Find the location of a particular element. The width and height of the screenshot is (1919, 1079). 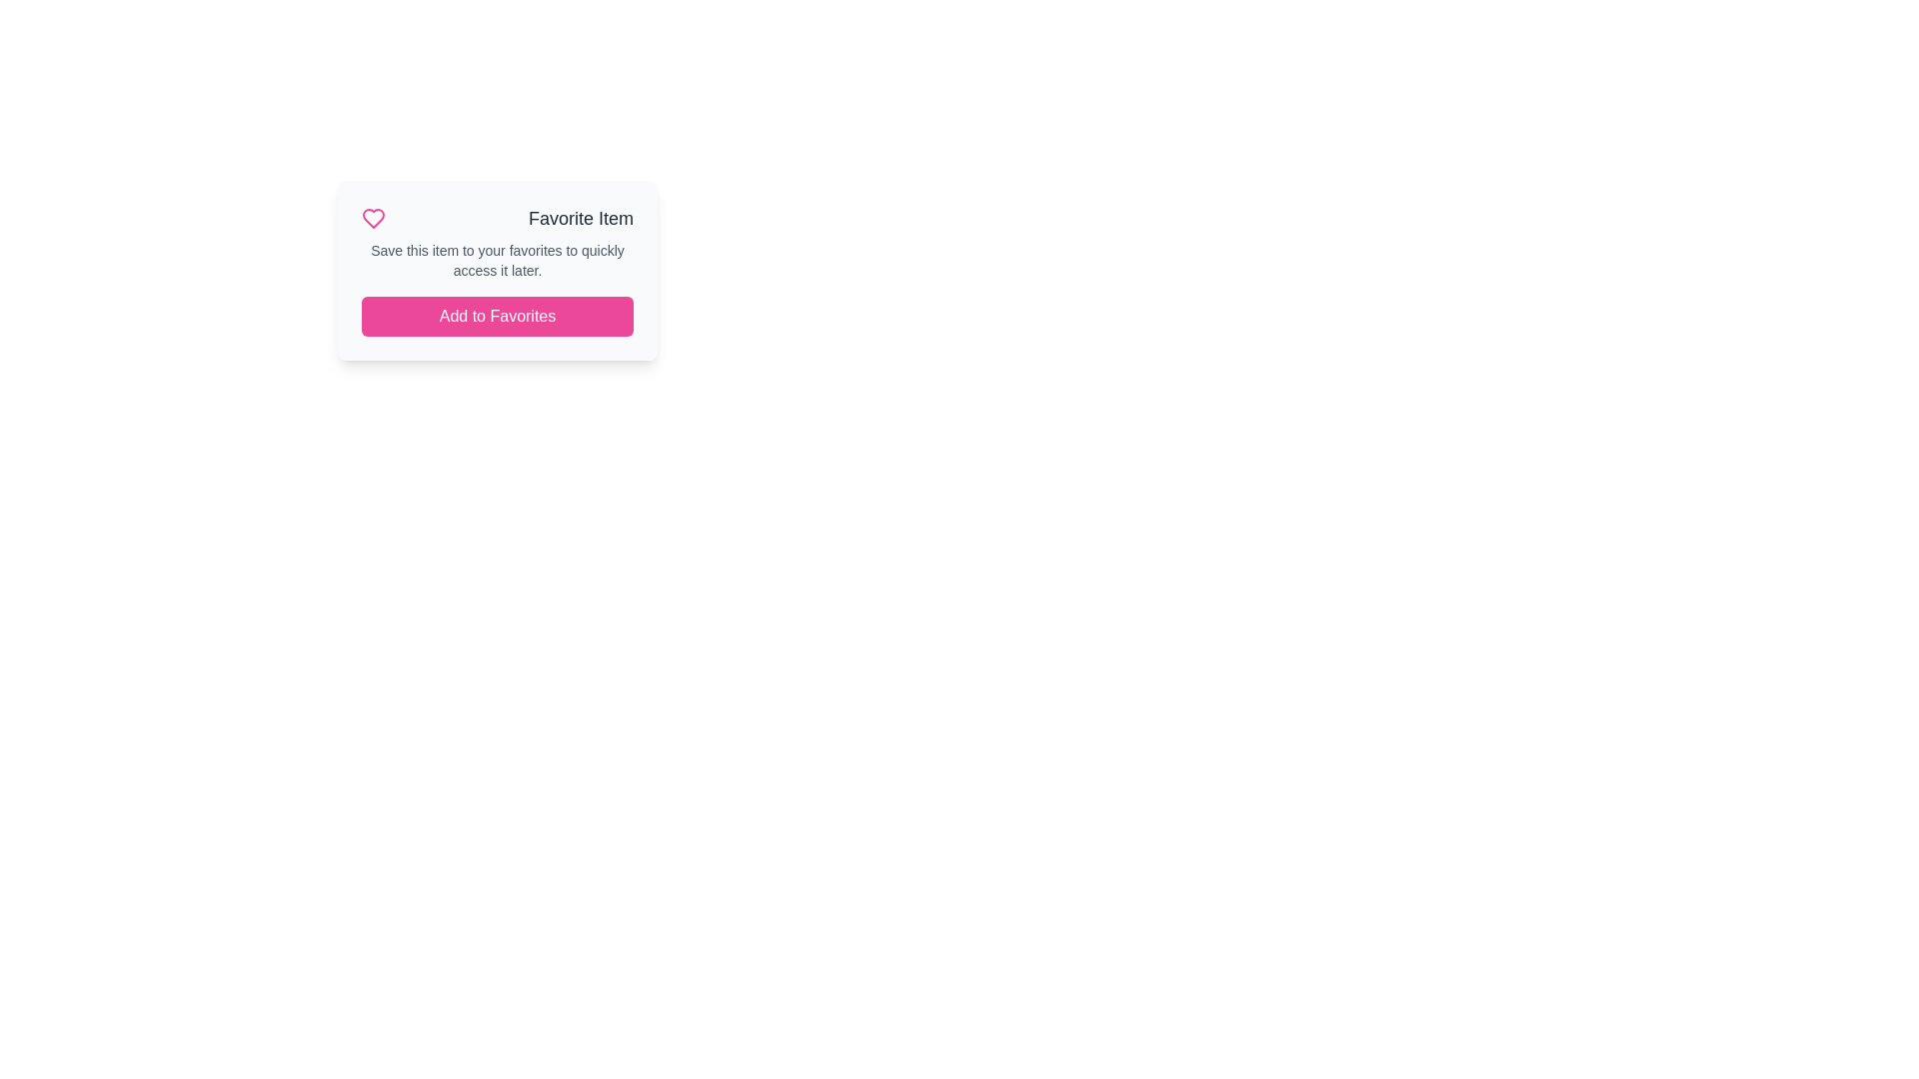

the Guidance Text element located below the 'Favorite Item' heading and above the 'Add to Favorites' button is located at coordinates (498, 260).